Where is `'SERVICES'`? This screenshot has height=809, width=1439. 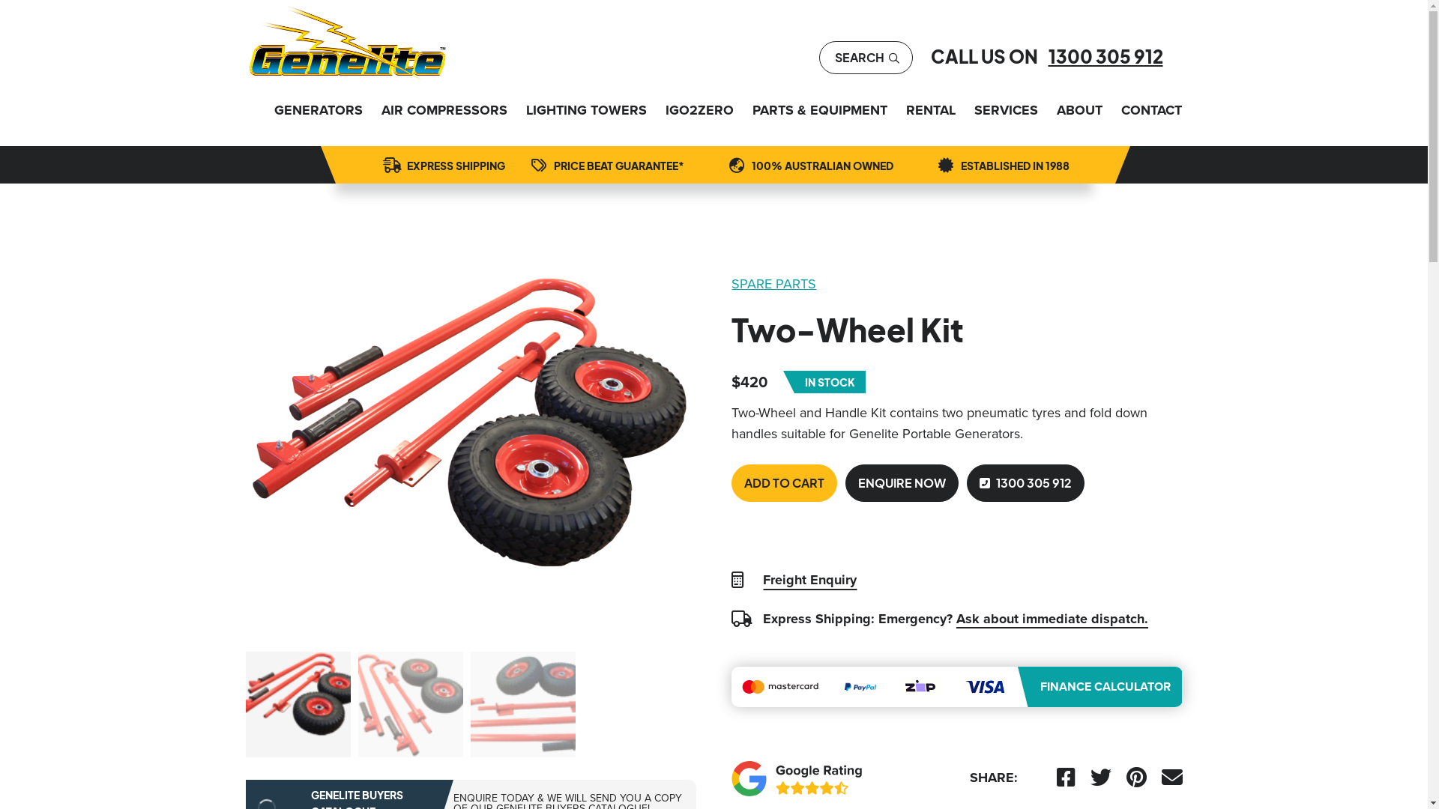
'SERVICES' is located at coordinates (1006, 109).